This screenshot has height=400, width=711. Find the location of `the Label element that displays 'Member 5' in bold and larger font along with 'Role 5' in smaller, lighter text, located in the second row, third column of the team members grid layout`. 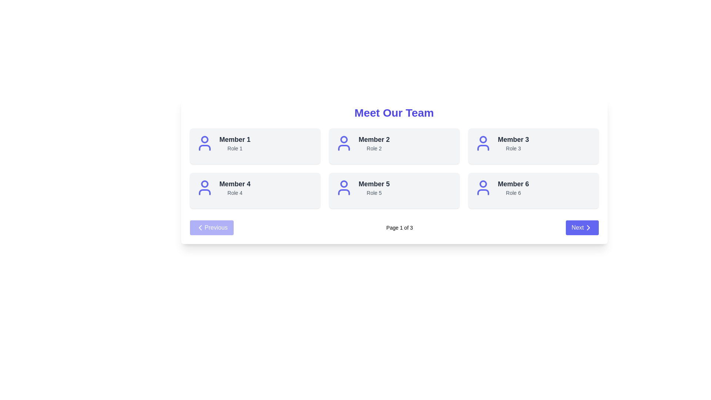

the Label element that displays 'Member 5' in bold and larger font along with 'Role 5' in smaller, lighter text, located in the second row, third column of the team members grid layout is located at coordinates (374, 187).